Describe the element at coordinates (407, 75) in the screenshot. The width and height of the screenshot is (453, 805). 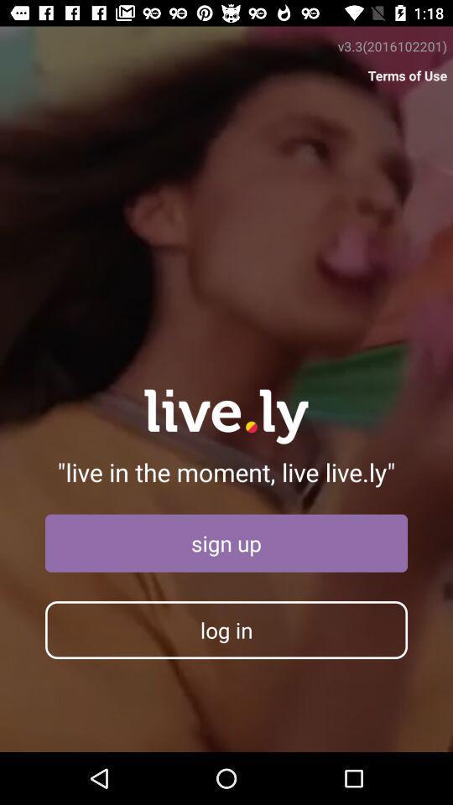
I see `icon above the live in the item` at that location.